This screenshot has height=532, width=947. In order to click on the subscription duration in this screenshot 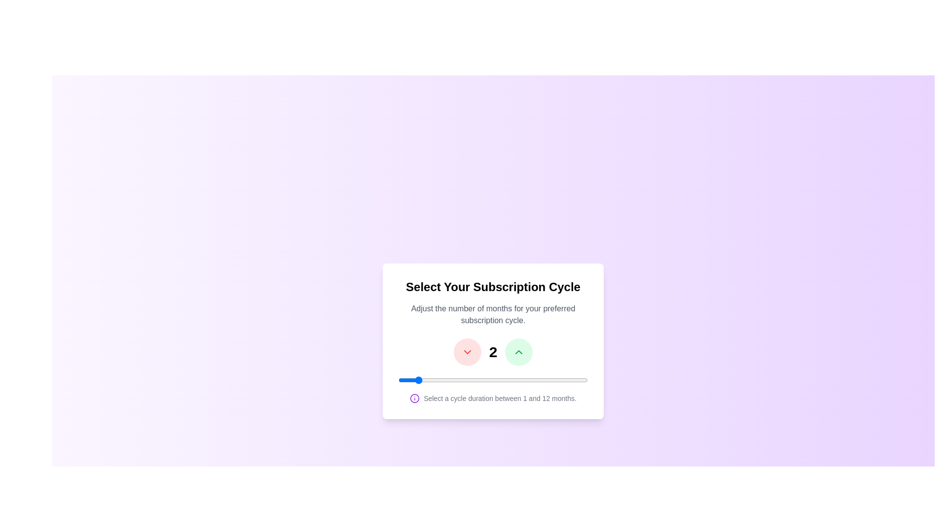, I will do `click(484, 379)`.